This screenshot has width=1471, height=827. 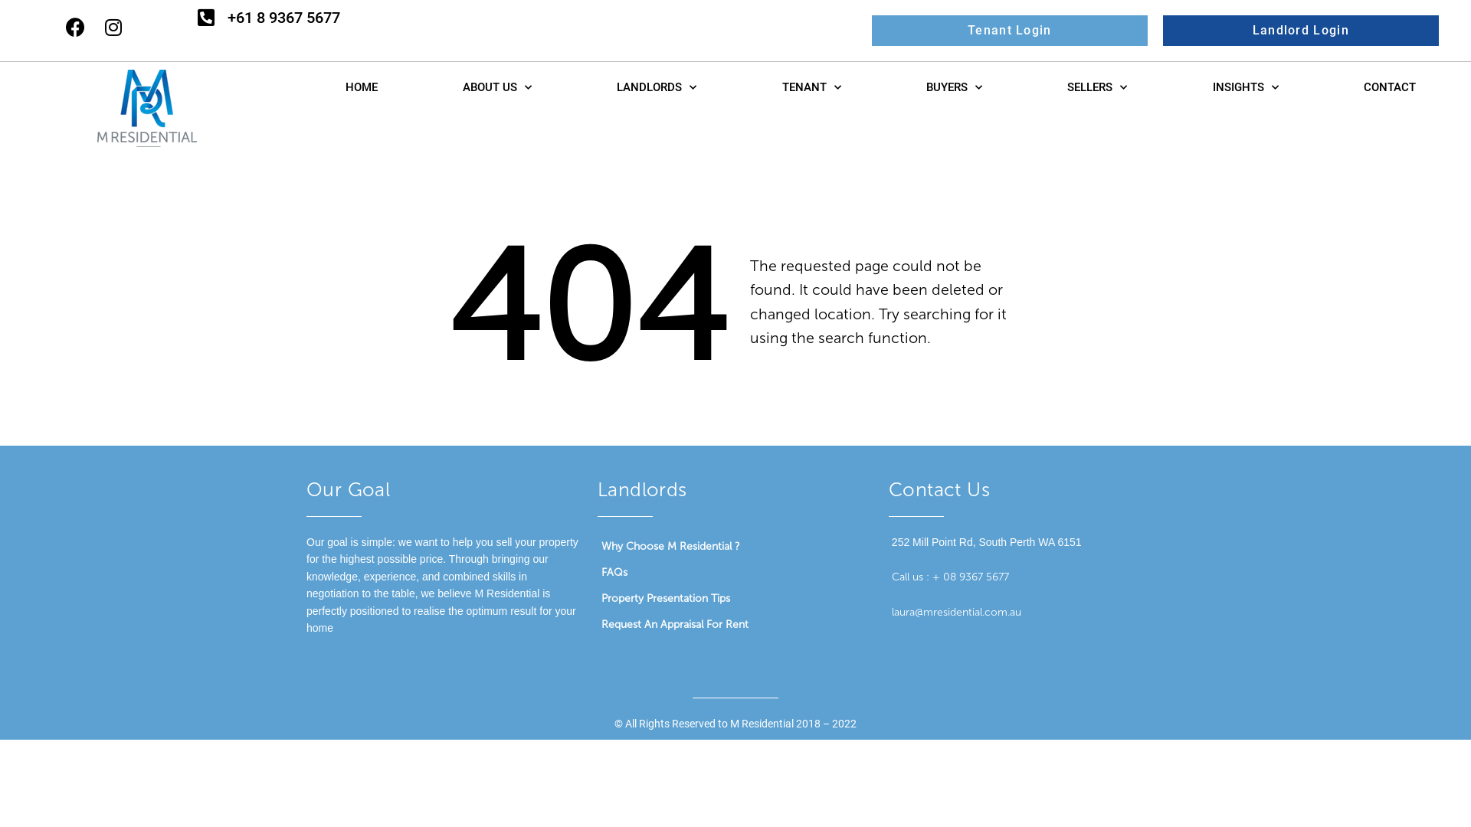 I want to click on 'SELLERS', so click(x=1096, y=87).